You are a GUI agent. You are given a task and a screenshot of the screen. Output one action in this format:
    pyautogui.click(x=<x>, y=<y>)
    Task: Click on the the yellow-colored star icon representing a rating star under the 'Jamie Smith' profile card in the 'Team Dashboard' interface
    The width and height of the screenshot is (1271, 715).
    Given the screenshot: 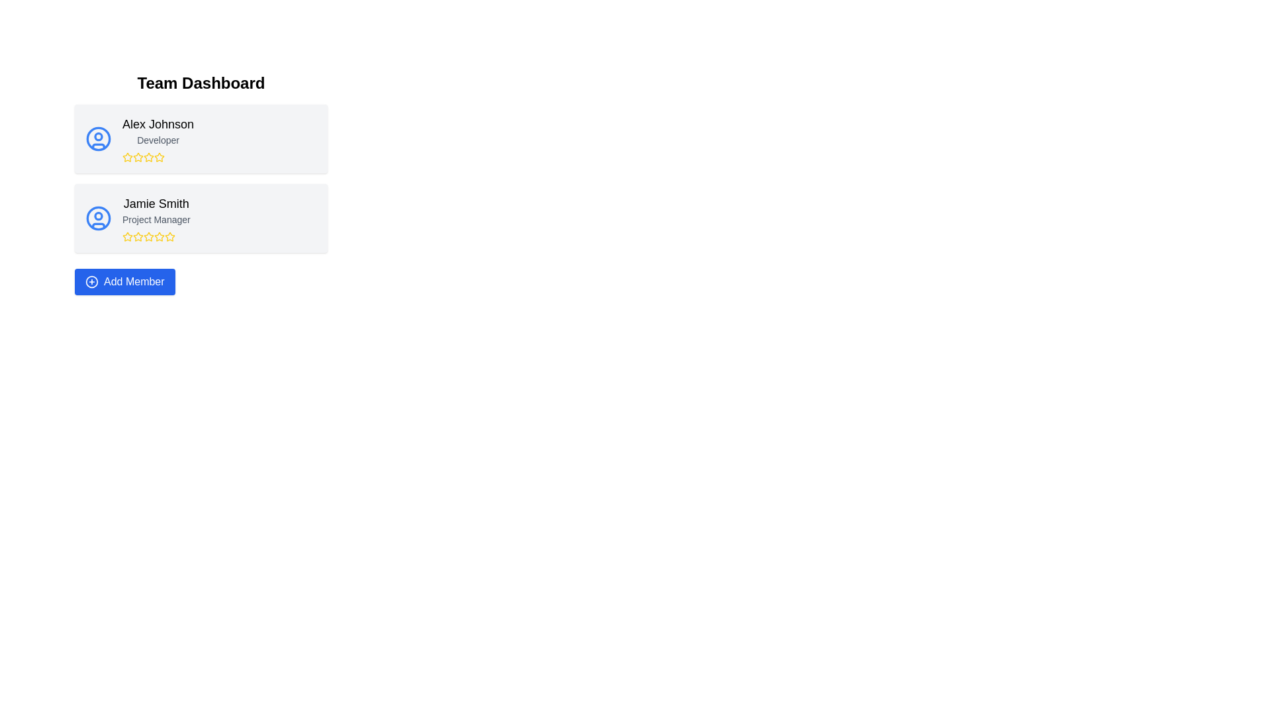 What is the action you would take?
    pyautogui.click(x=127, y=236)
    